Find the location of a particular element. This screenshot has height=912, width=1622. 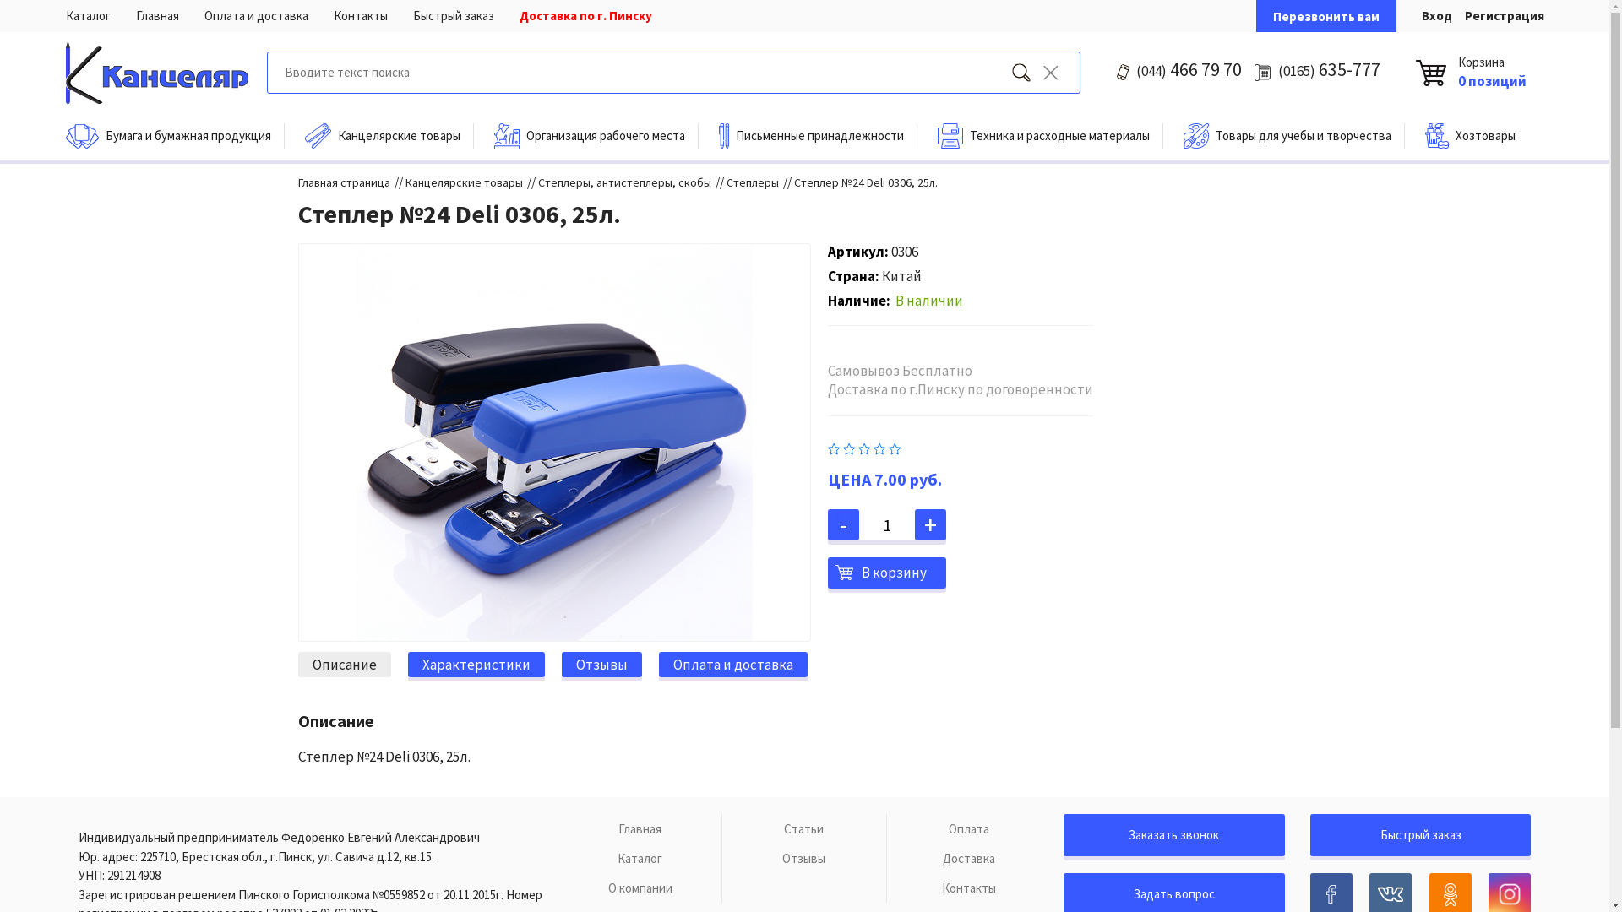

'3' is located at coordinates (858, 446).